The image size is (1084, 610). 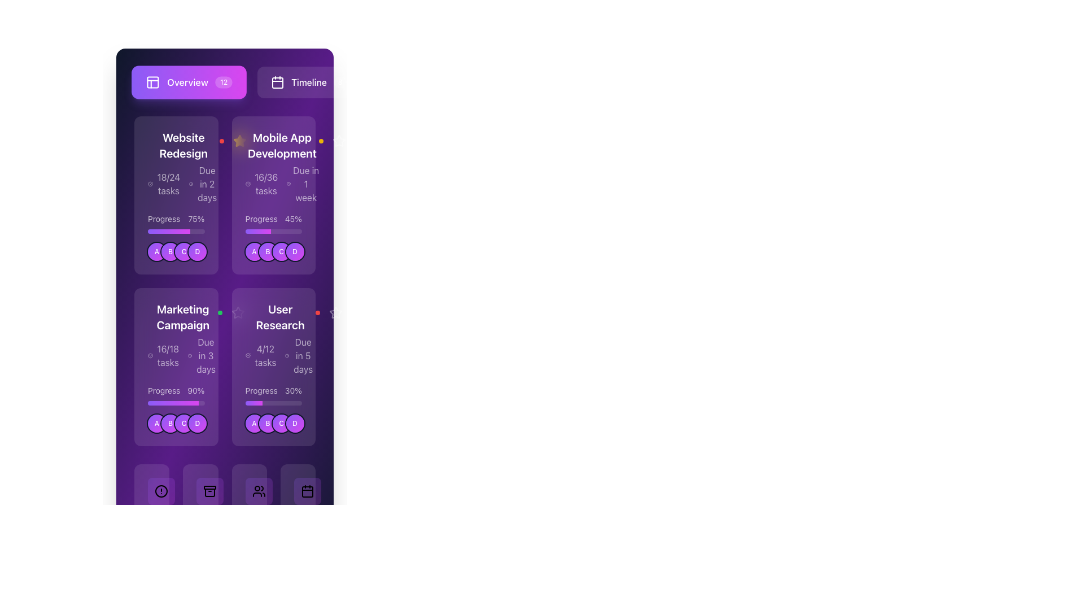 What do you see at coordinates (173, 402) in the screenshot?
I see `the horizontal progress bar featuring a gradient fill transitioning from purple to pink, located within the 'Marketing Campaign' card under the 'Progress' section` at bounding box center [173, 402].